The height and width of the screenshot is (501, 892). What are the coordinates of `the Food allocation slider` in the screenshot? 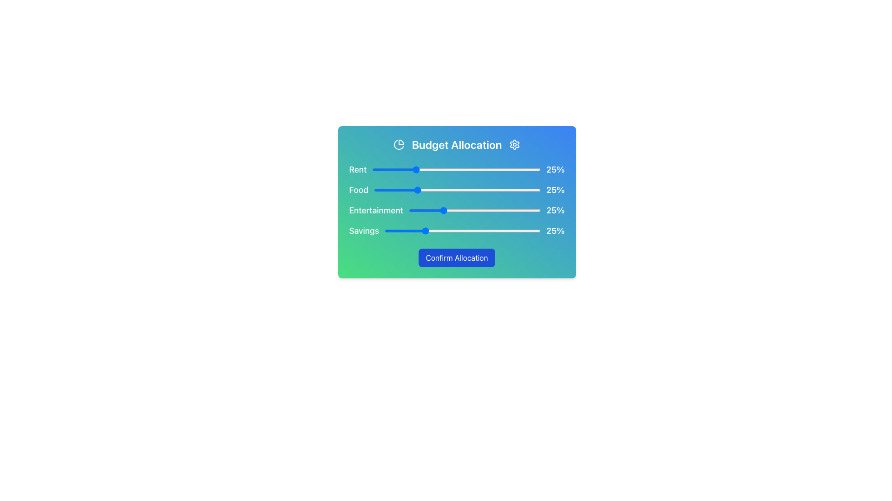 It's located at (483, 189).